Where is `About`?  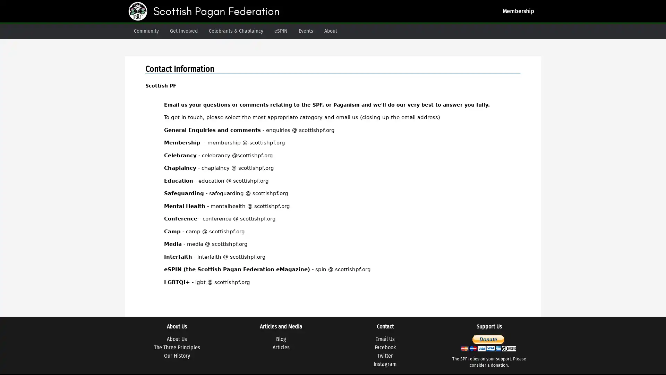
About is located at coordinates (330, 31).